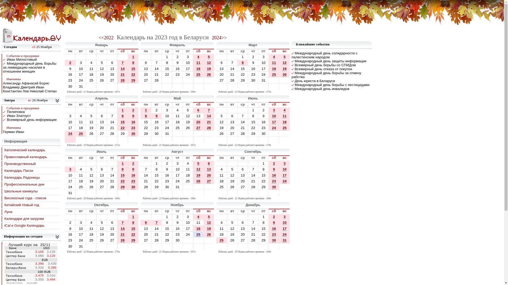  Describe the element at coordinates (232, 228) in the screenshot. I see `'12'` at that location.